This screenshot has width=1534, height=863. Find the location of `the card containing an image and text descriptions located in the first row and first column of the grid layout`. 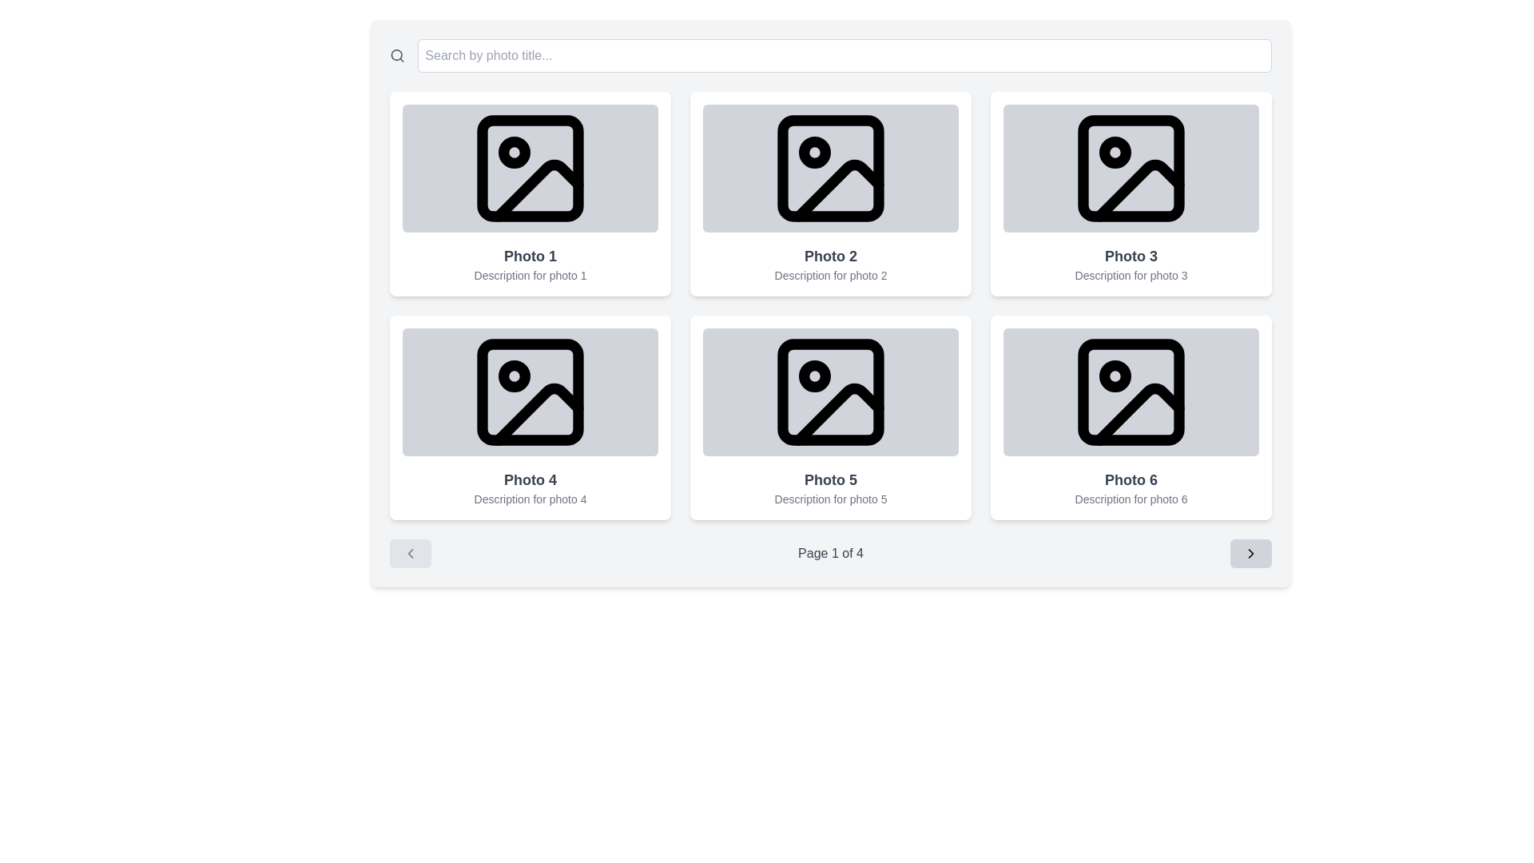

the card containing an image and text descriptions located in the first row and first column of the grid layout is located at coordinates (530, 193).